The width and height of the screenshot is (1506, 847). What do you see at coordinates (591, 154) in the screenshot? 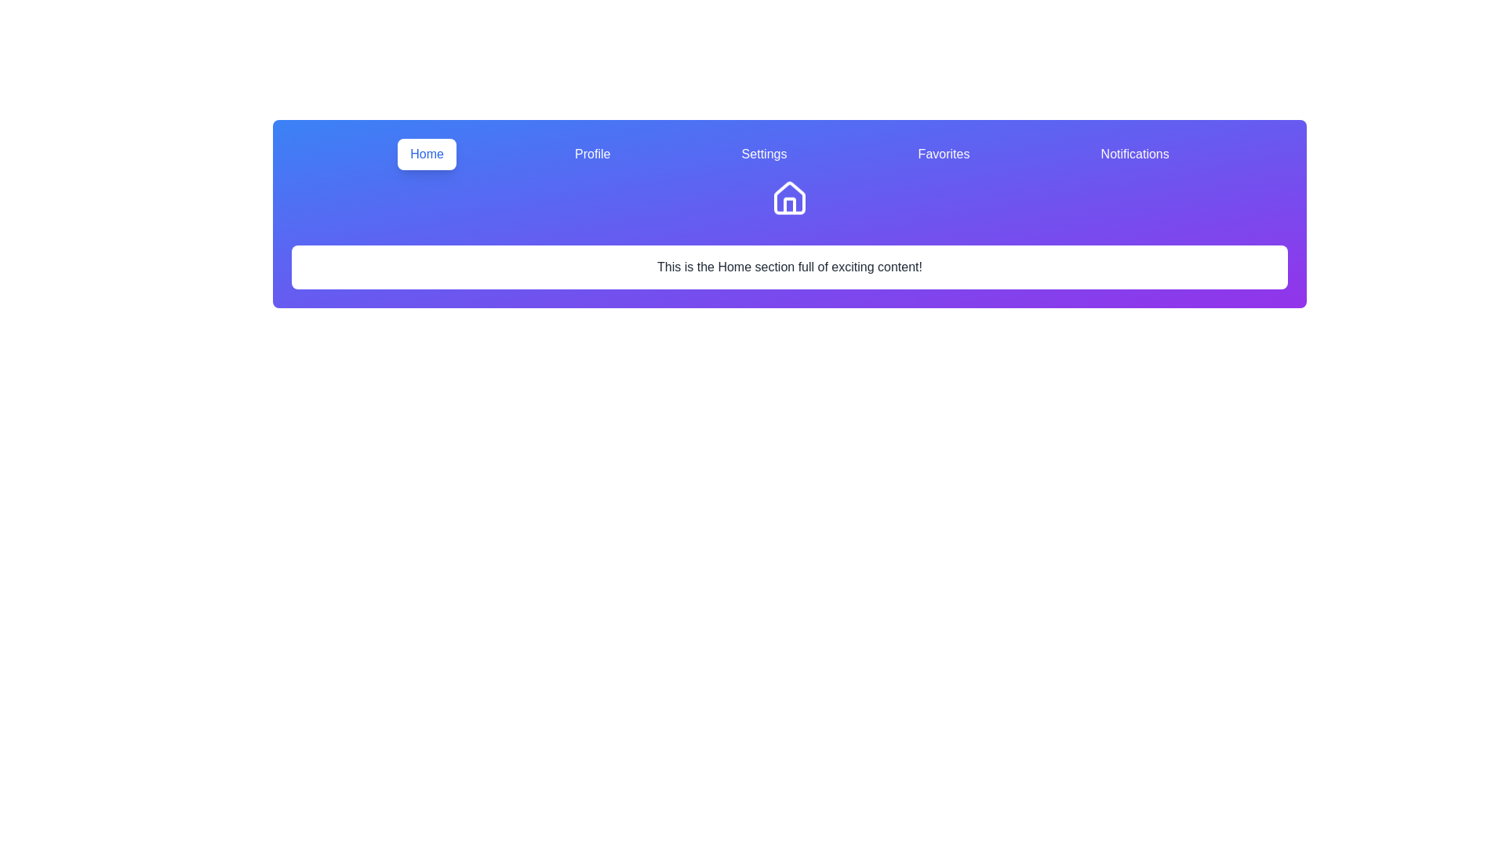
I see `the 'Profile' button, which is the second element in the horizontal navigation bar with a gradient blue-pink background` at bounding box center [591, 154].